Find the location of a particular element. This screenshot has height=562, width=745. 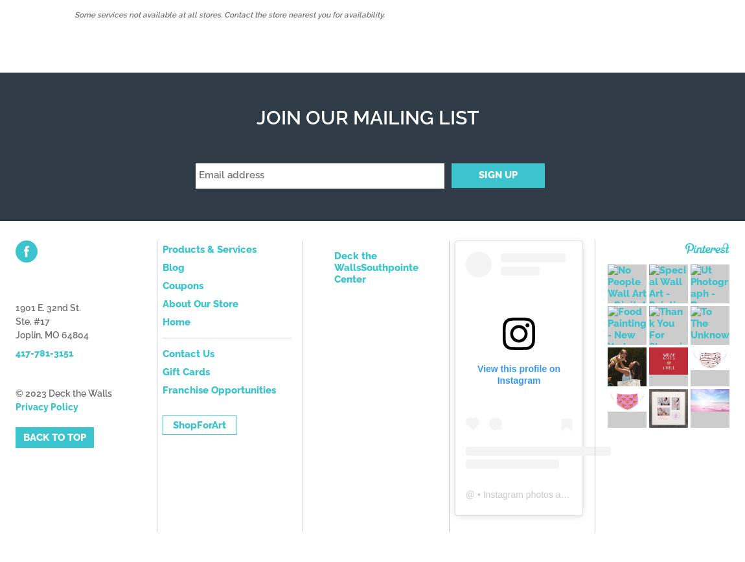

'Blog' is located at coordinates (161, 266).